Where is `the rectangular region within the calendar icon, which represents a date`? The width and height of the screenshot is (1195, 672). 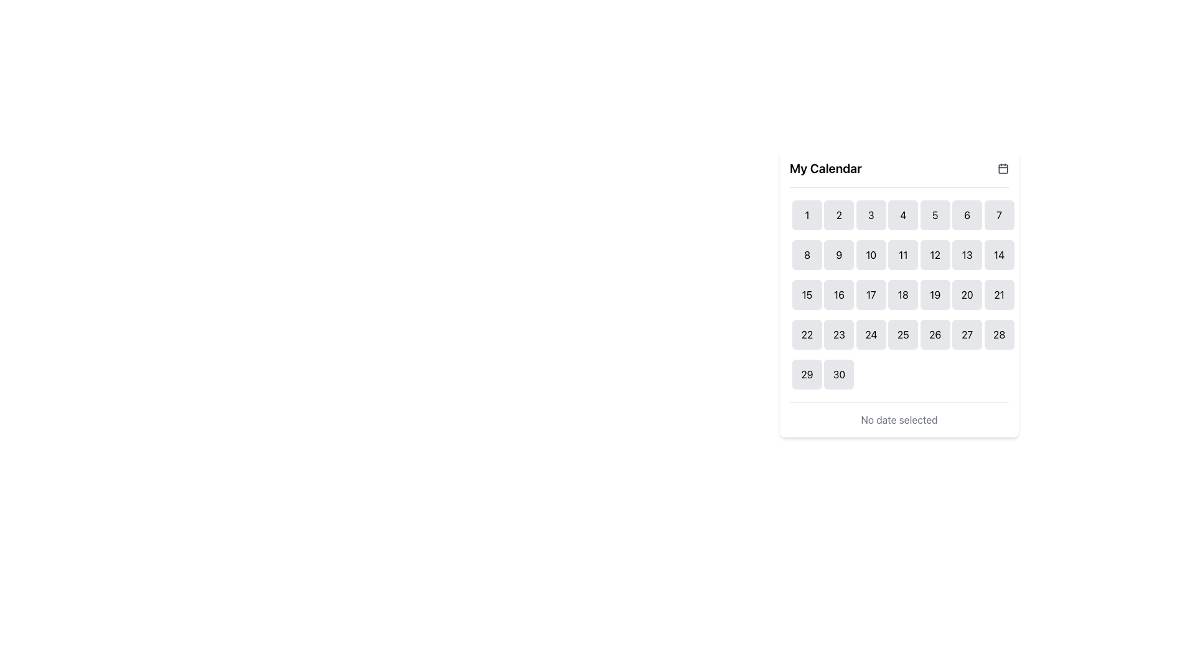 the rectangular region within the calendar icon, which represents a date is located at coordinates (1003, 169).